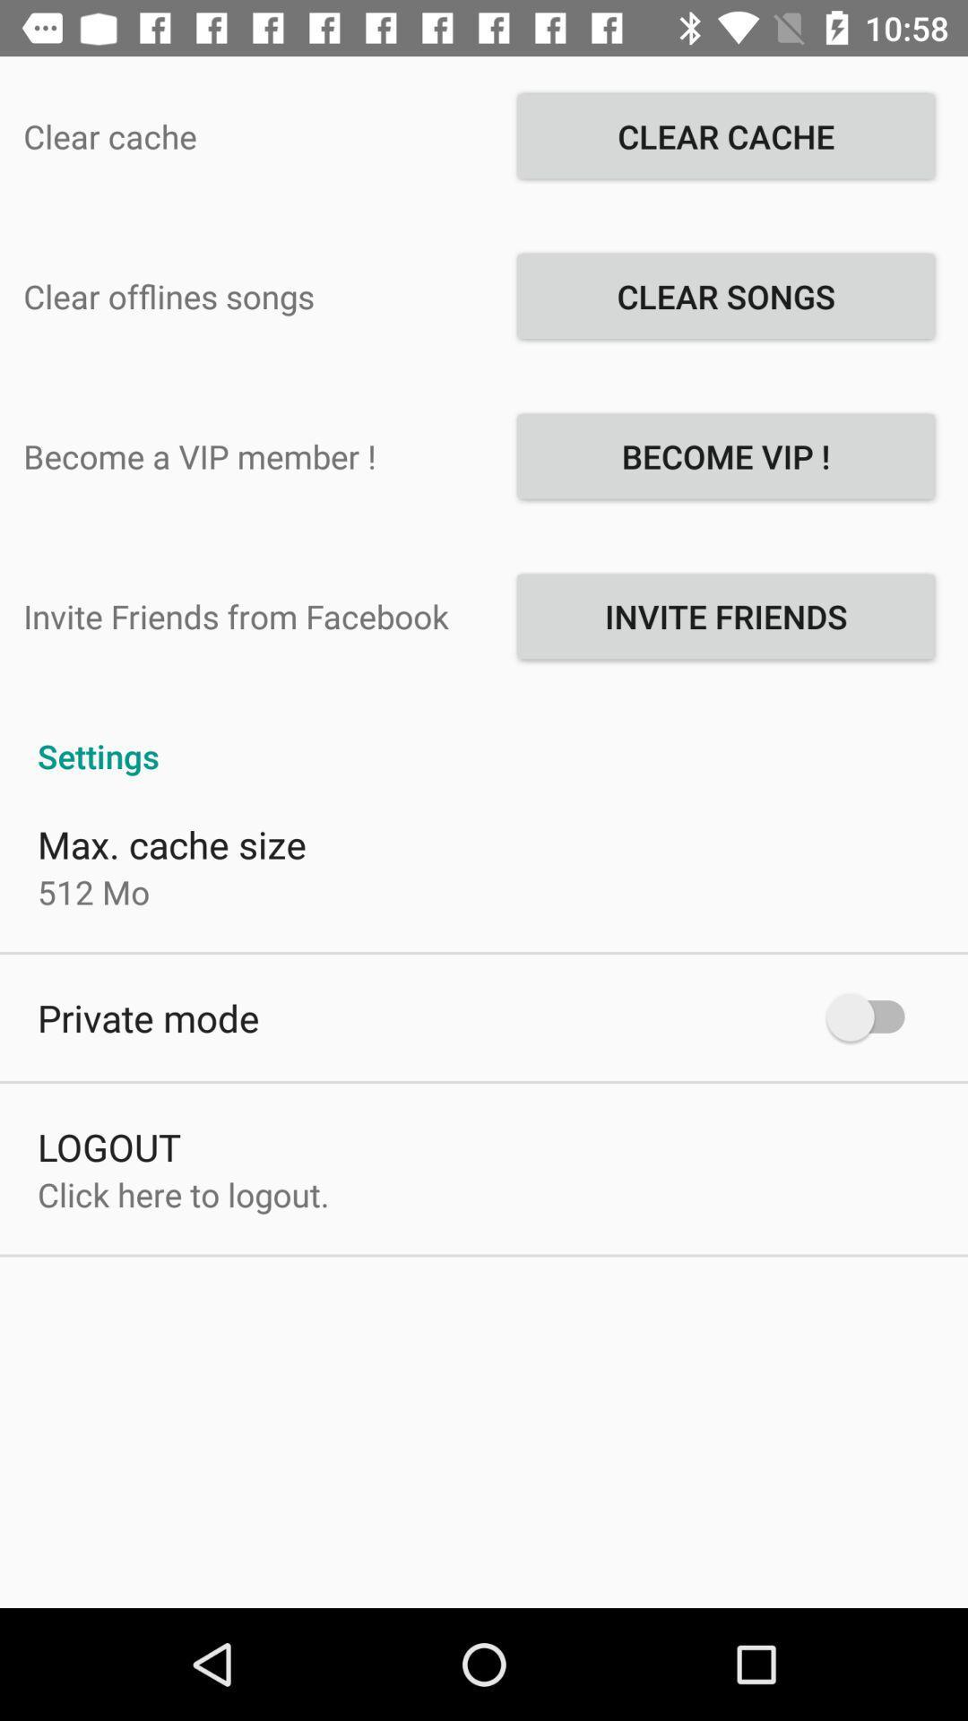  Describe the element at coordinates (183, 1194) in the screenshot. I see `the click here to at the bottom left corner` at that location.